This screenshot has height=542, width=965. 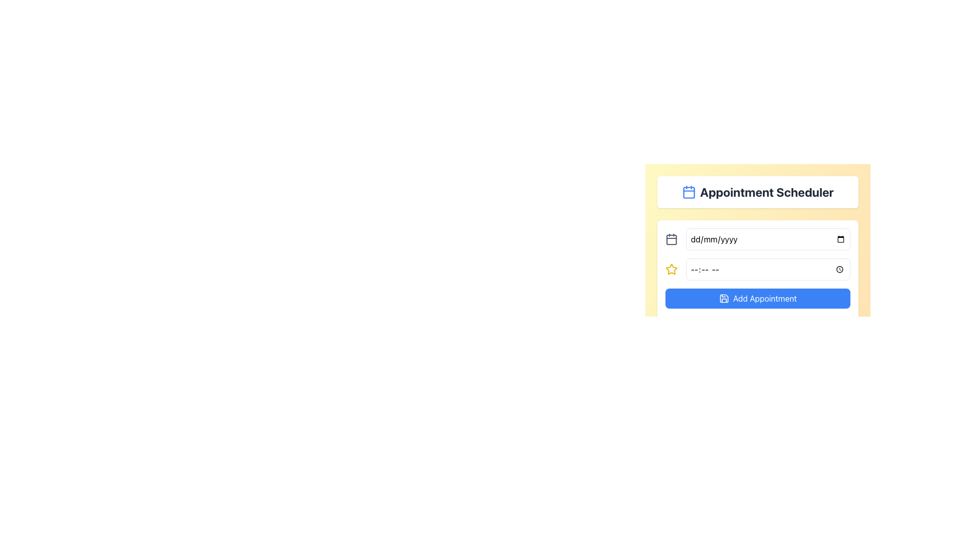 I want to click on the 'Finalize Appointment' button located at the bottom of the 'Appointment Scheduler' form, so click(x=757, y=298).